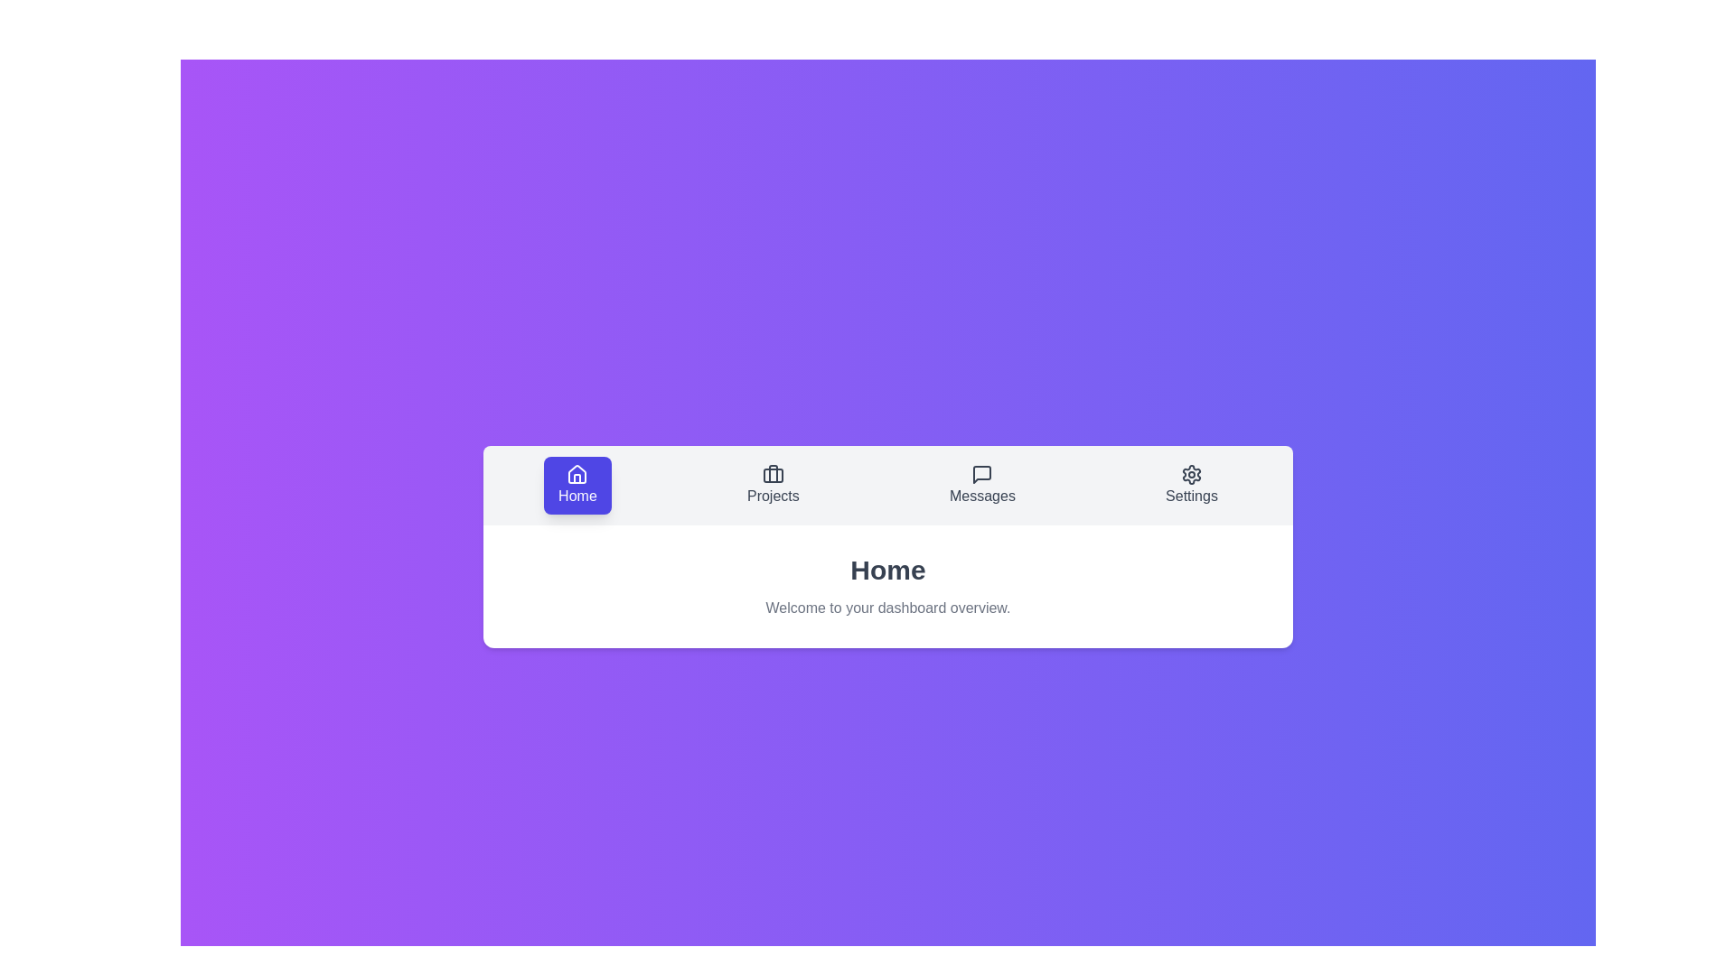  What do you see at coordinates (981, 484) in the screenshot?
I see `the Messages tab by clicking on it` at bounding box center [981, 484].